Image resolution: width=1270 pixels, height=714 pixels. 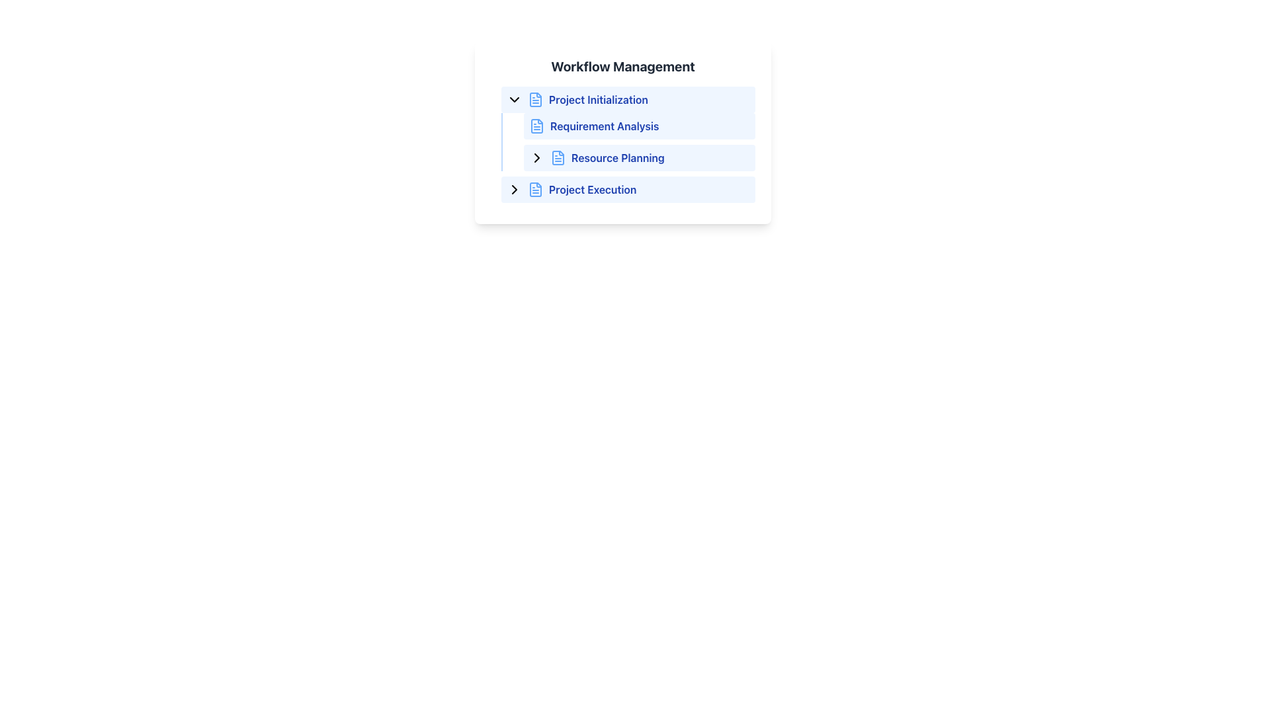 I want to click on the 'Project Initialization' button, which is a light blue rounded bar with a document icon and bold blue text, so click(x=628, y=99).